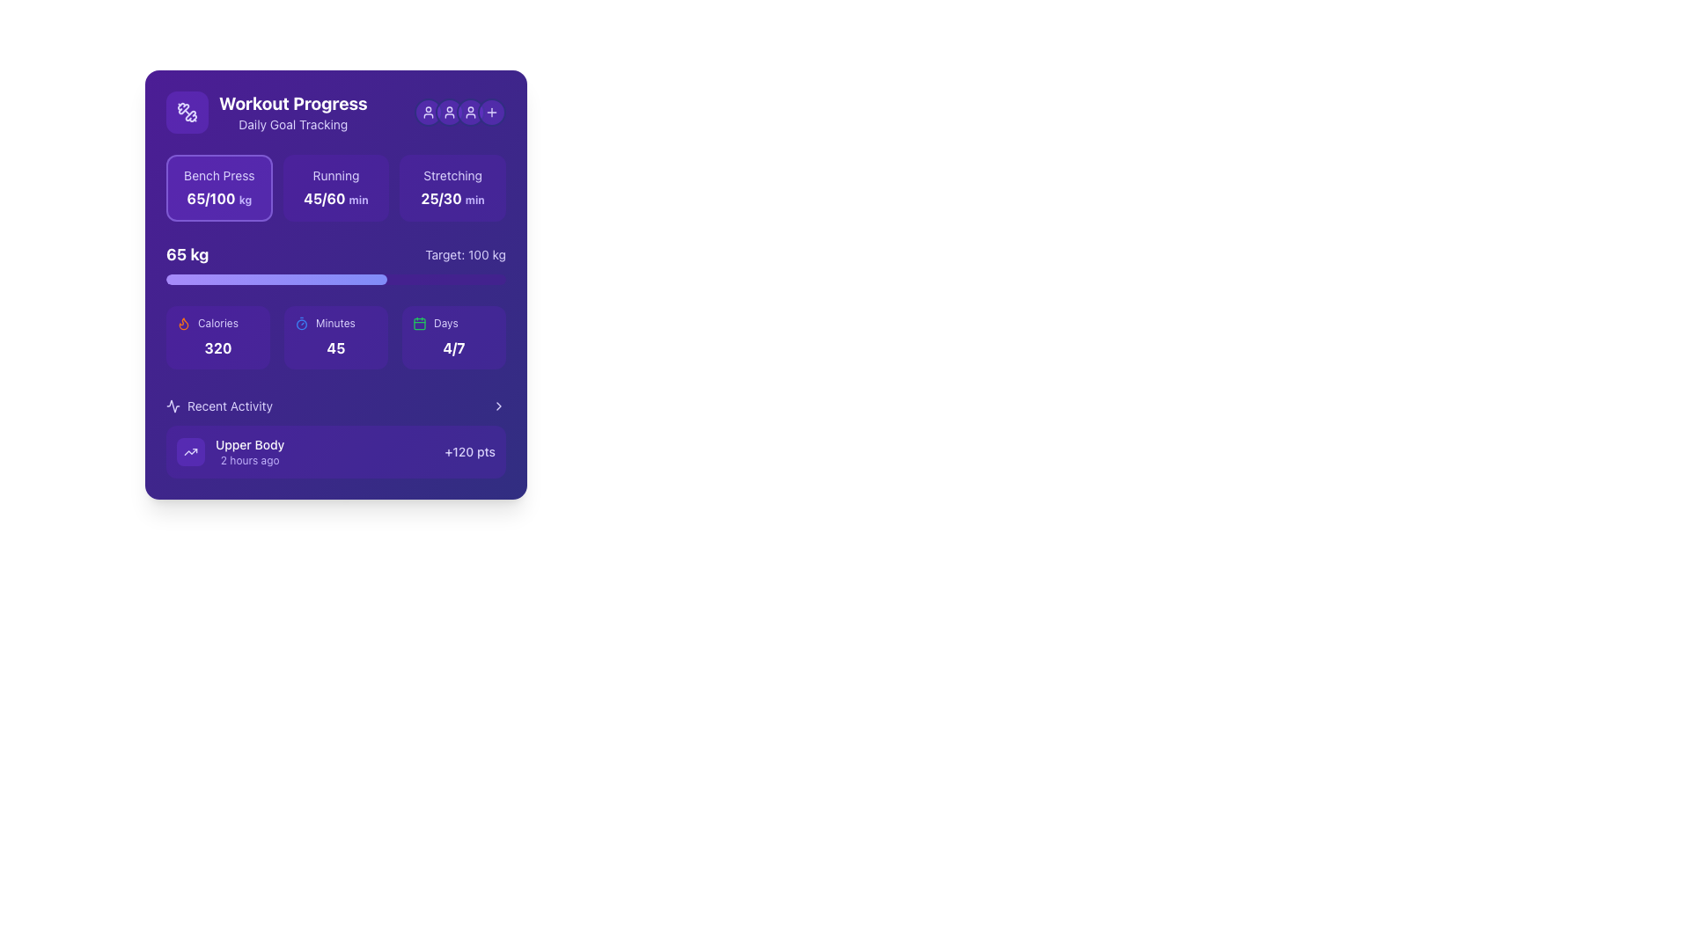 Image resolution: width=1690 pixels, height=950 pixels. What do you see at coordinates (497, 406) in the screenshot?
I see `the chevron-shaped icon pointing to the right, which is located at the far right of the 'Recent Activity' header within the card, near the top-right edge` at bounding box center [497, 406].